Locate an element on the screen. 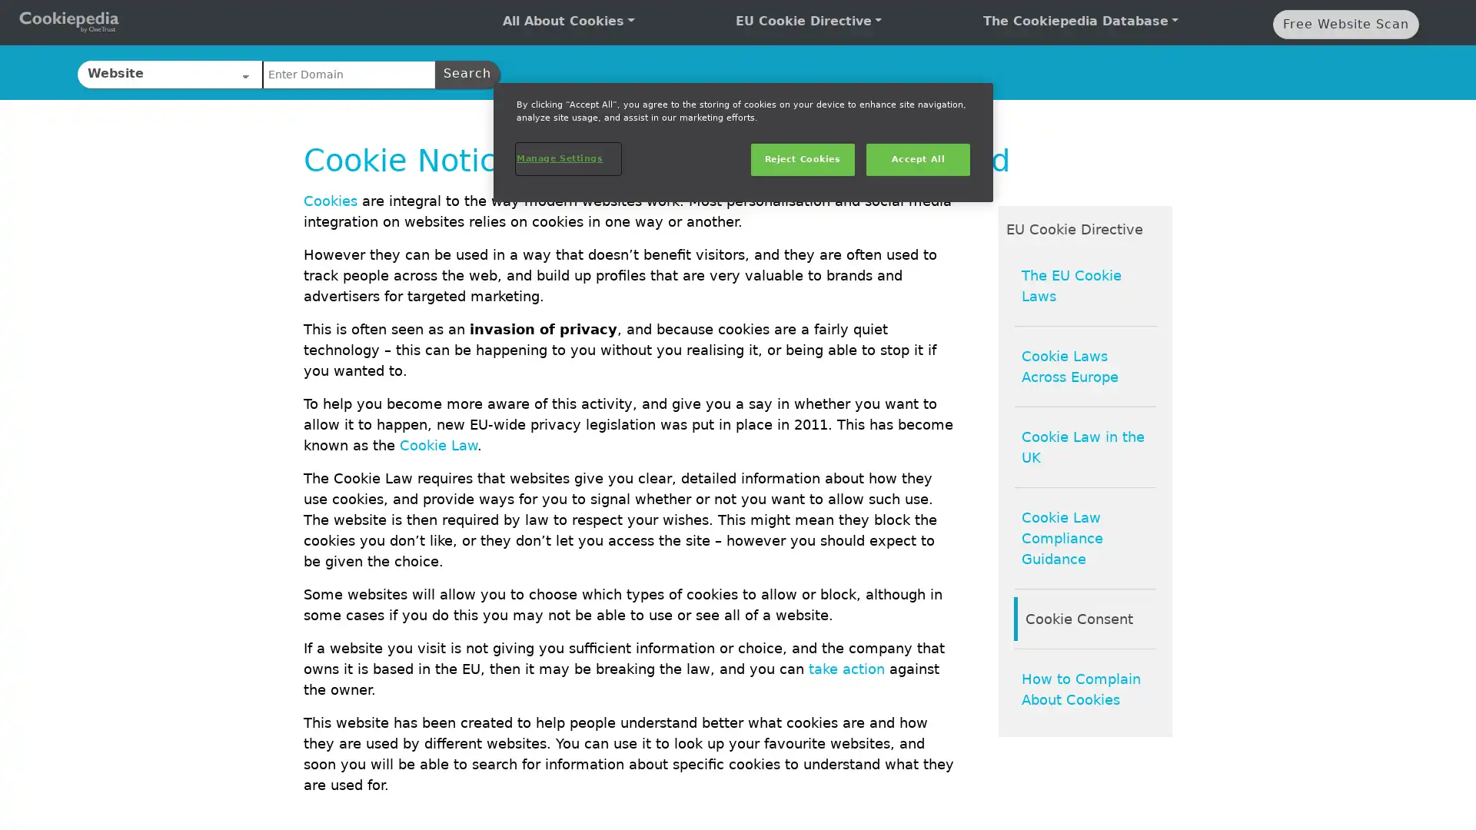  Accept All is located at coordinates (918, 160).